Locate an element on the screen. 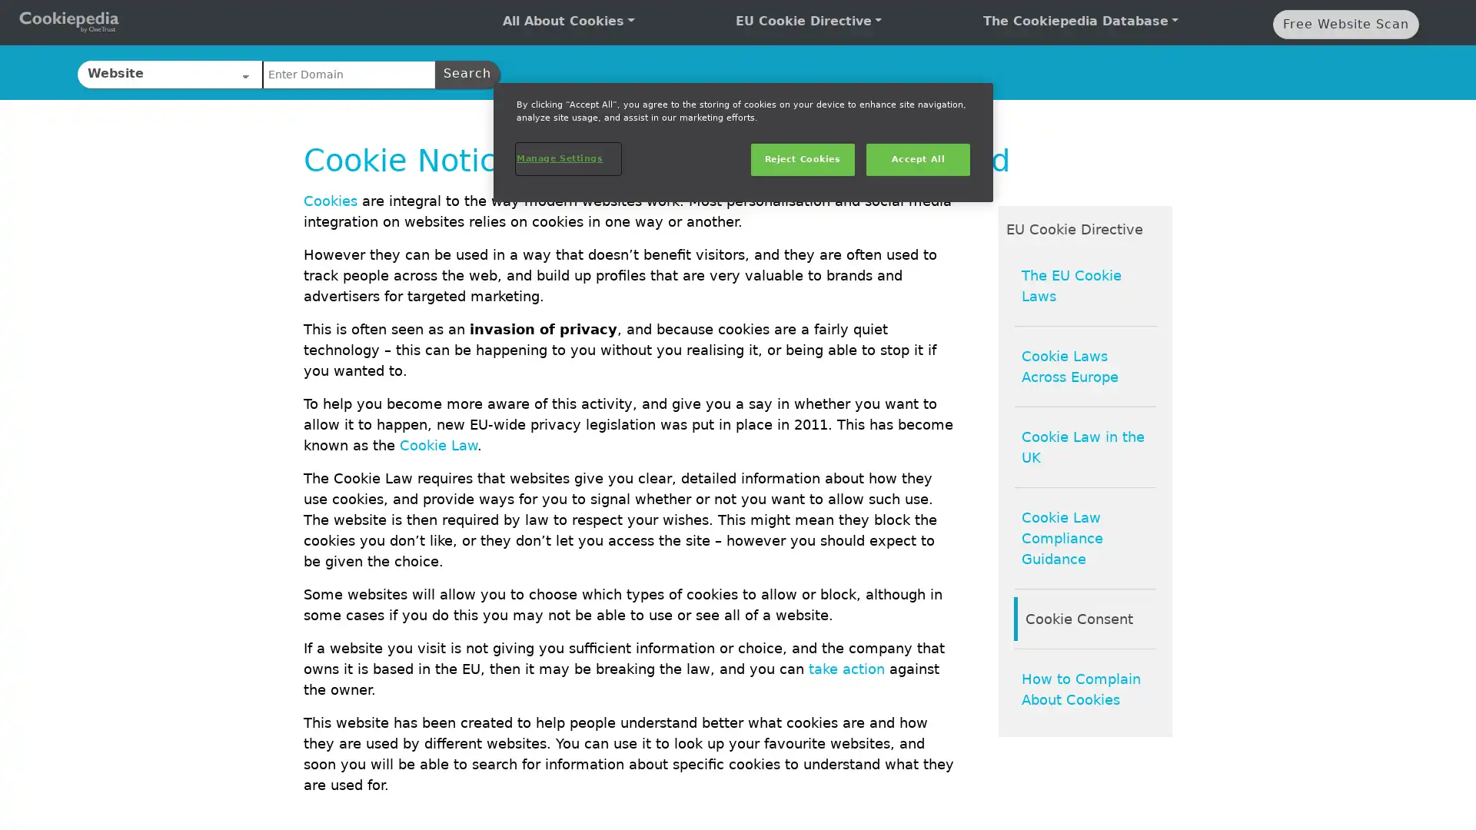  Accept All is located at coordinates (918, 160).